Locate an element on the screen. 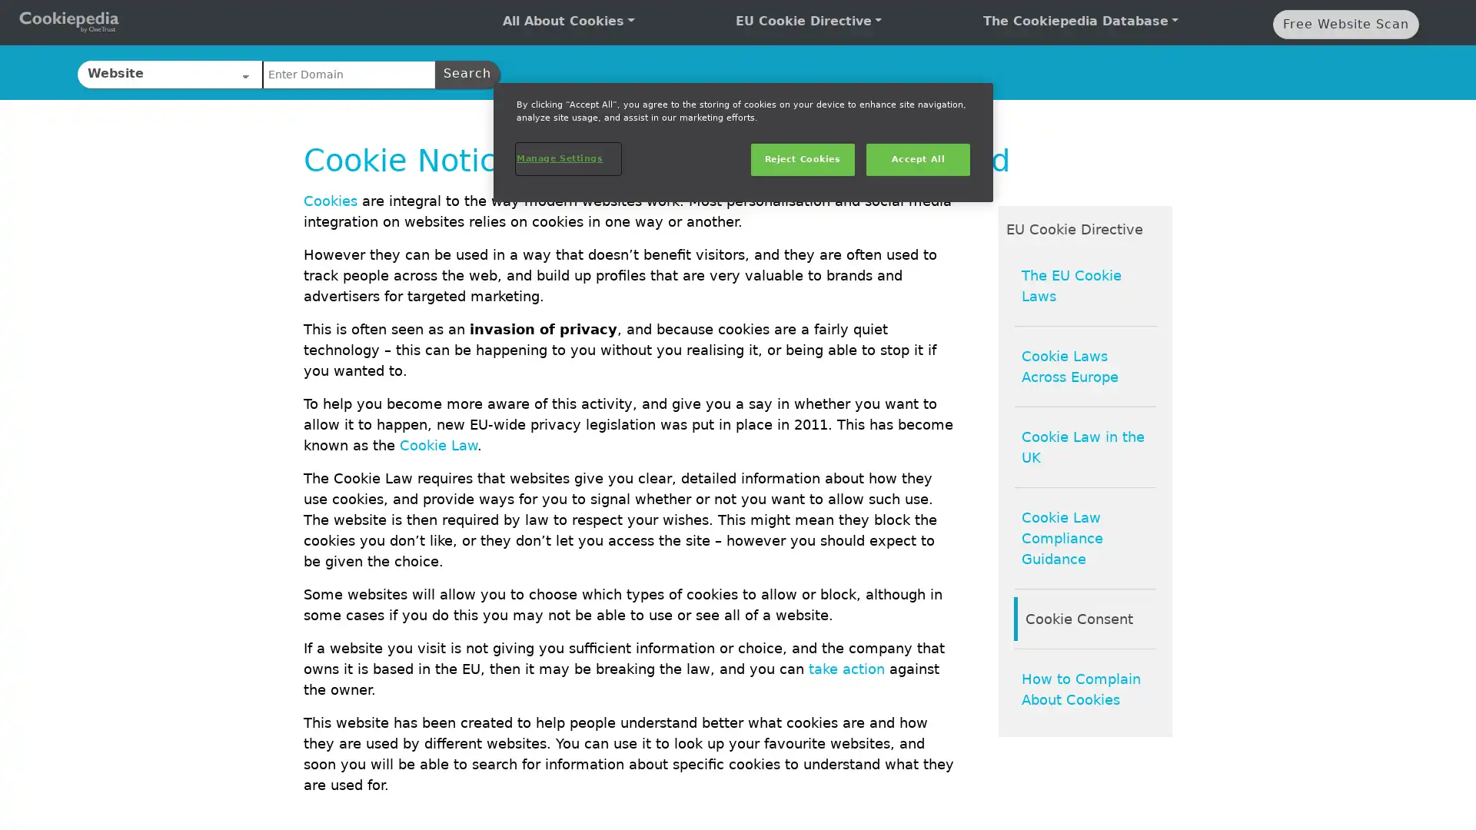  Accept All is located at coordinates (918, 160).